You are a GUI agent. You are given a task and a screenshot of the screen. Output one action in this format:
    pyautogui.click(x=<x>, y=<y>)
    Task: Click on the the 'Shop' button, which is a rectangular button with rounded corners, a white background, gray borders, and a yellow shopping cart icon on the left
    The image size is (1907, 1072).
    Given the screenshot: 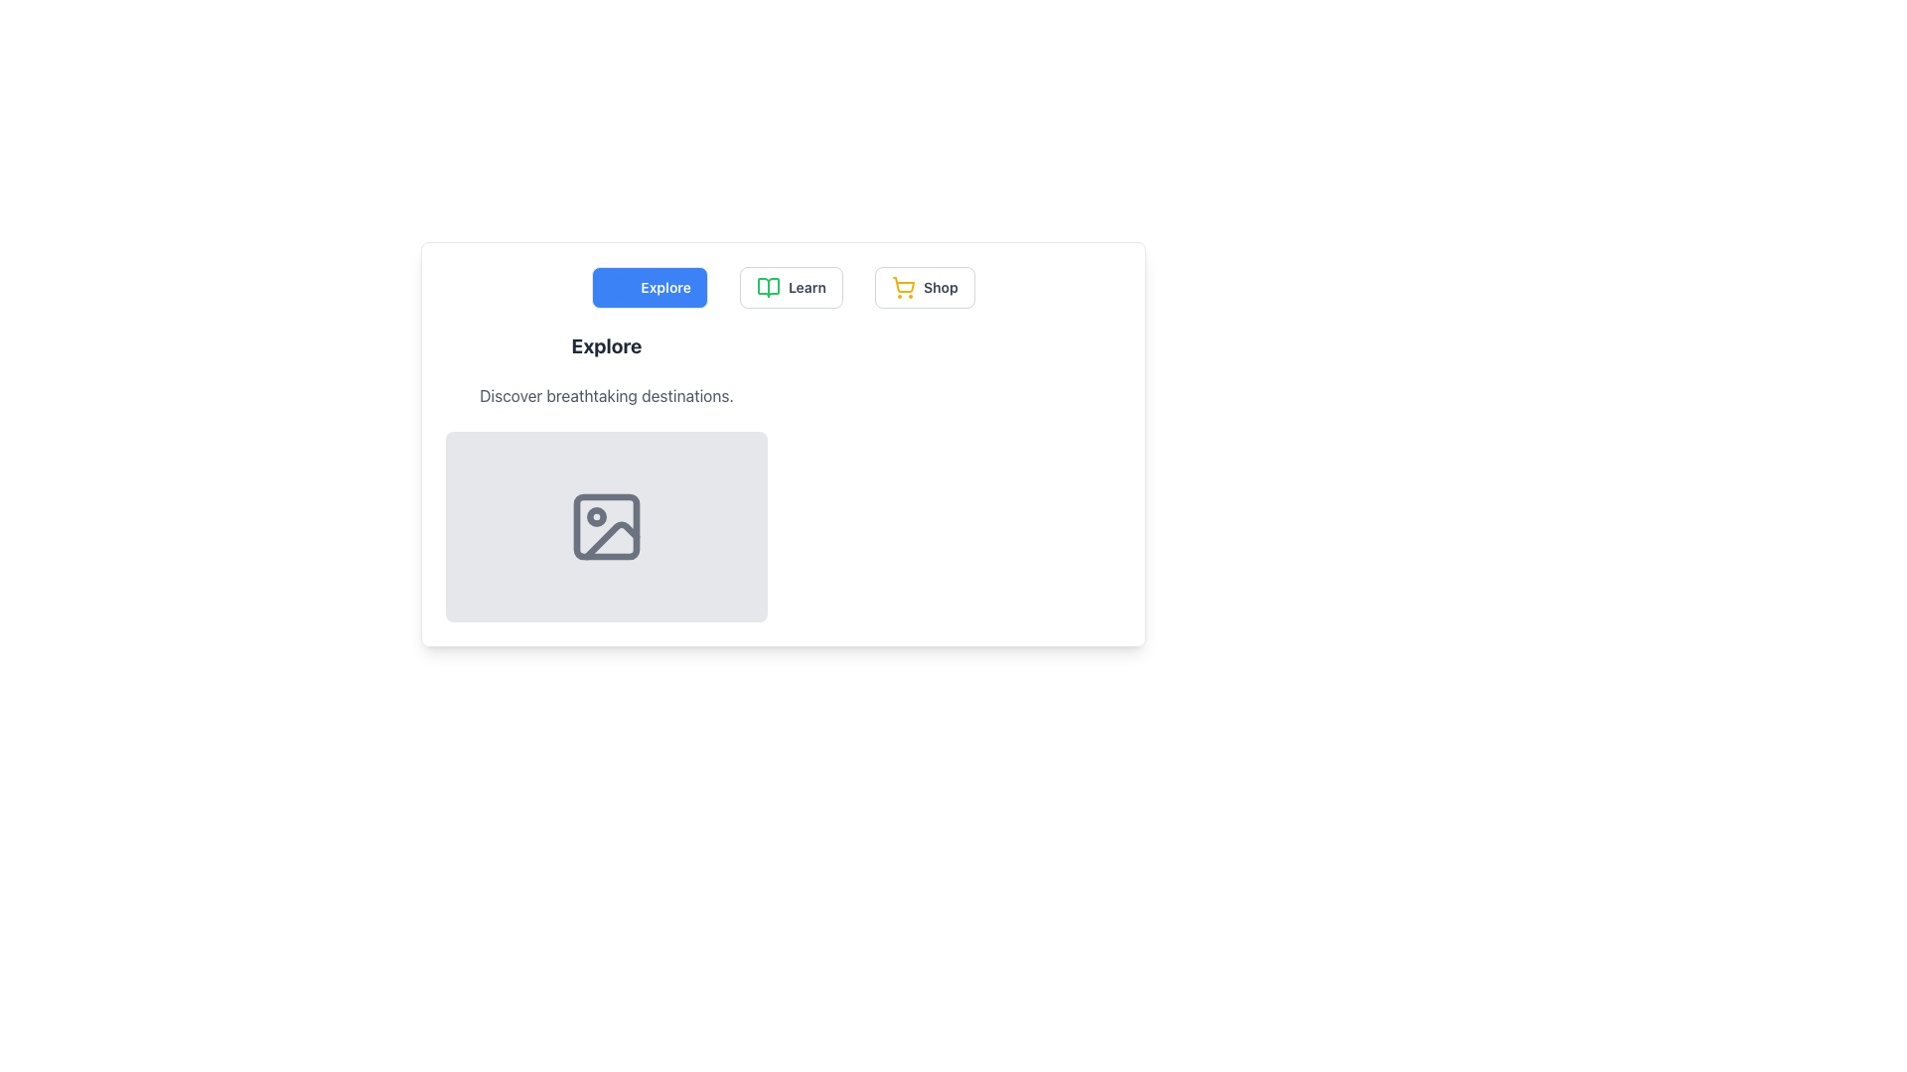 What is the action you would take?
    pyautogui.click(x=924, y=287)
    